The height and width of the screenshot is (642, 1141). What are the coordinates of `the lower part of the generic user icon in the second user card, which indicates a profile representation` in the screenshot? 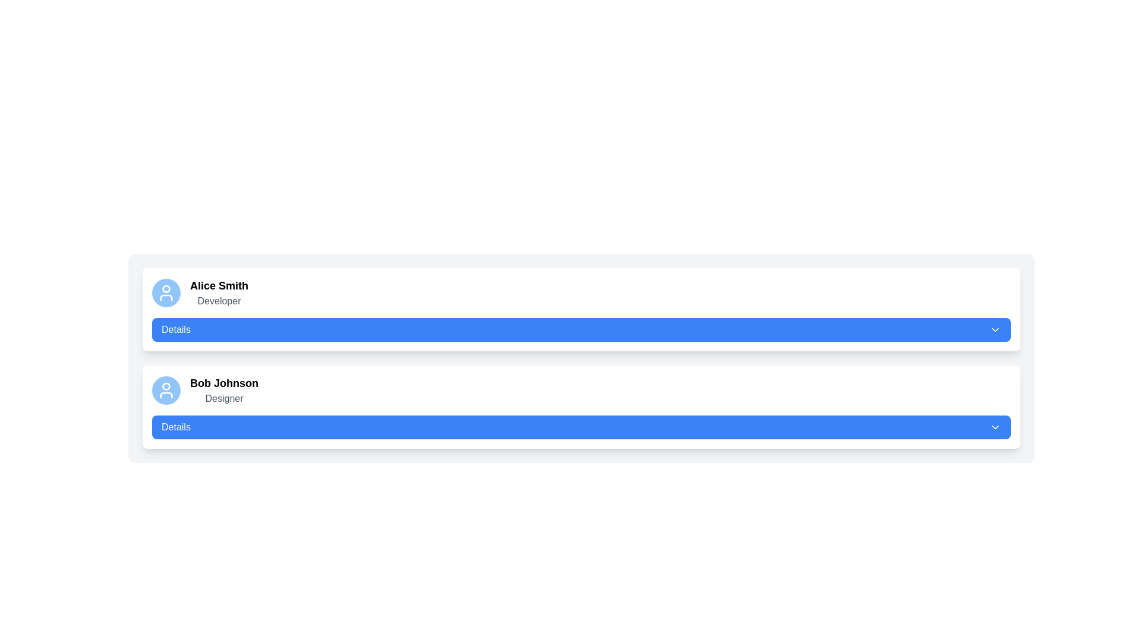 It's located at (165, 395).